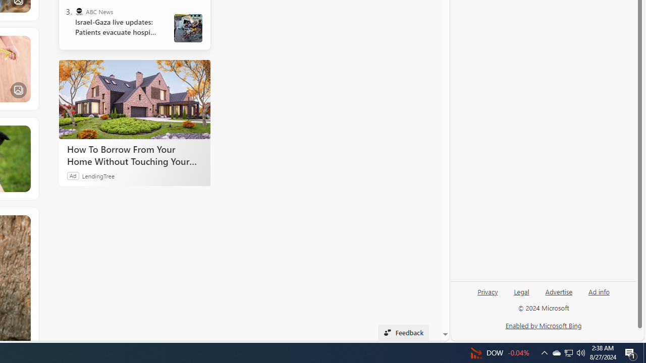 This screenshot has height=363, width=646. Describe the element at coordinates (73, 175) in the screenshot. I see `'Ad'` at that location.